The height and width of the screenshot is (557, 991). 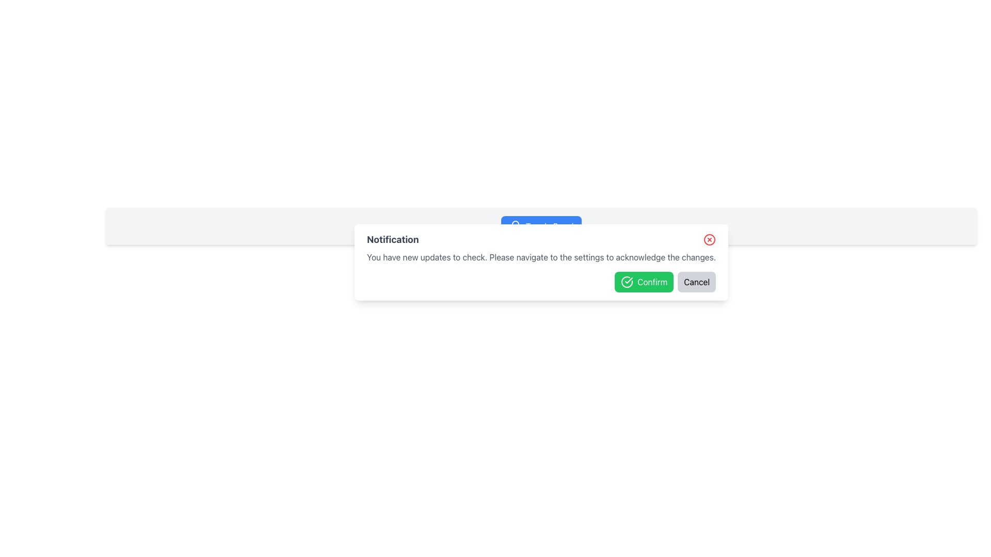 I want to click on the confirmation button located in the bottom-right section of the modal to observe style changes, so click(x=644, y=282).